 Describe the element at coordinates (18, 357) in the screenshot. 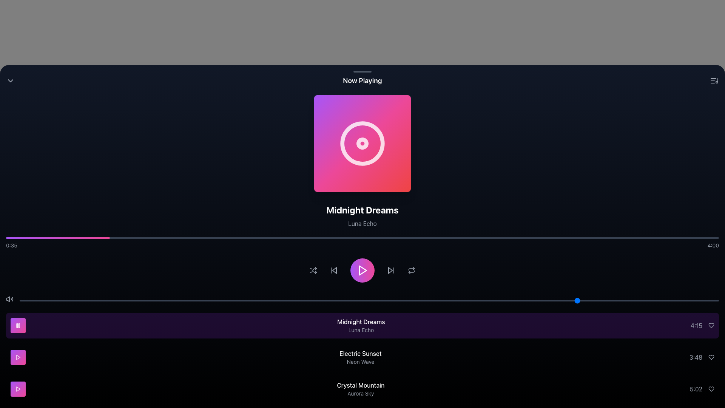

I see `the triangular play icon with an outline style located within a pink square button, which is the third button in the playback control panel of the audio player interface to play the media` at that location.